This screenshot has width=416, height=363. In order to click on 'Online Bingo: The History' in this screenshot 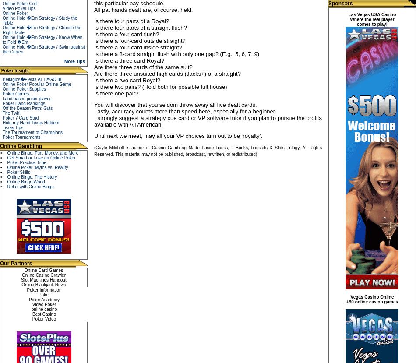, I will do `click(32, 177)`.